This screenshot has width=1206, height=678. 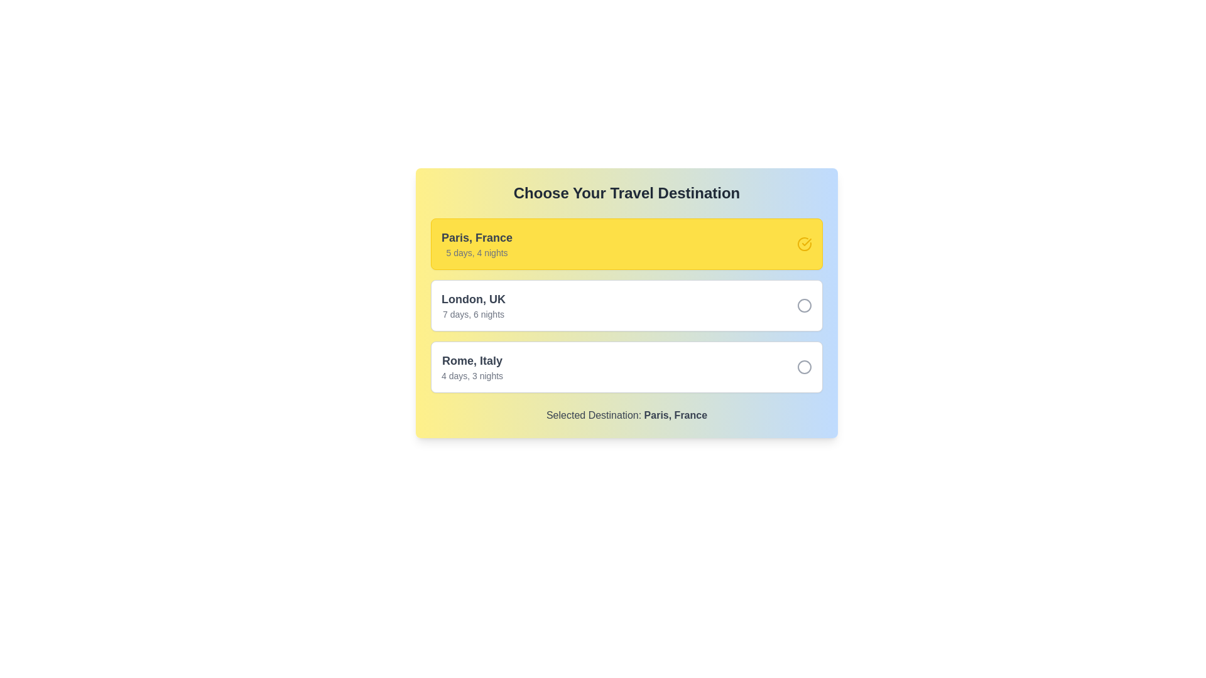 I want to click on the text label displaying the travel destination name 'Rome, Italy', which is located in the third travel destination card from the top, above the subtitle '4 days, 3 nights', so click(x=472, y=360).